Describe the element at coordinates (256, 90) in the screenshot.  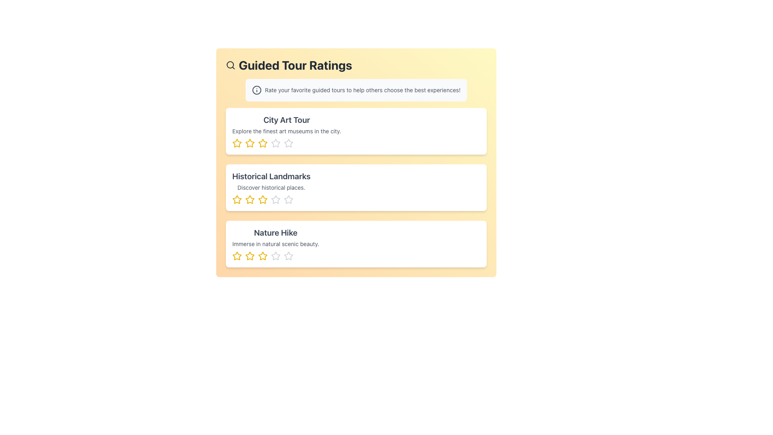
I see `the circular icon with a central dot and outer ring, located to the left of the text 'Rate your favorite guided tours to help others choose the best experiences!'` at that location.